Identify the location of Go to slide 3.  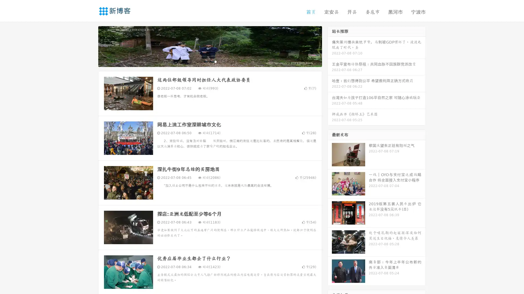
(215, 61).